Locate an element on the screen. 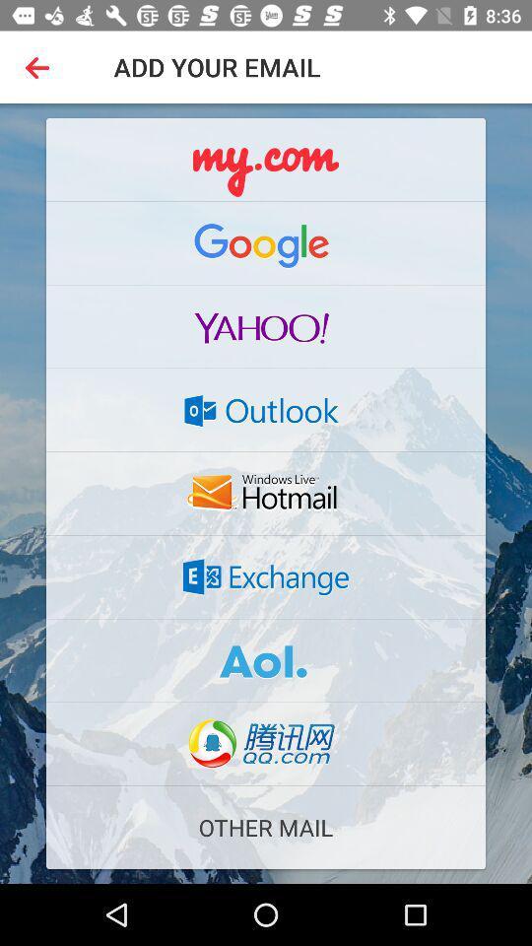  aol is located at coordinates (266, 660).